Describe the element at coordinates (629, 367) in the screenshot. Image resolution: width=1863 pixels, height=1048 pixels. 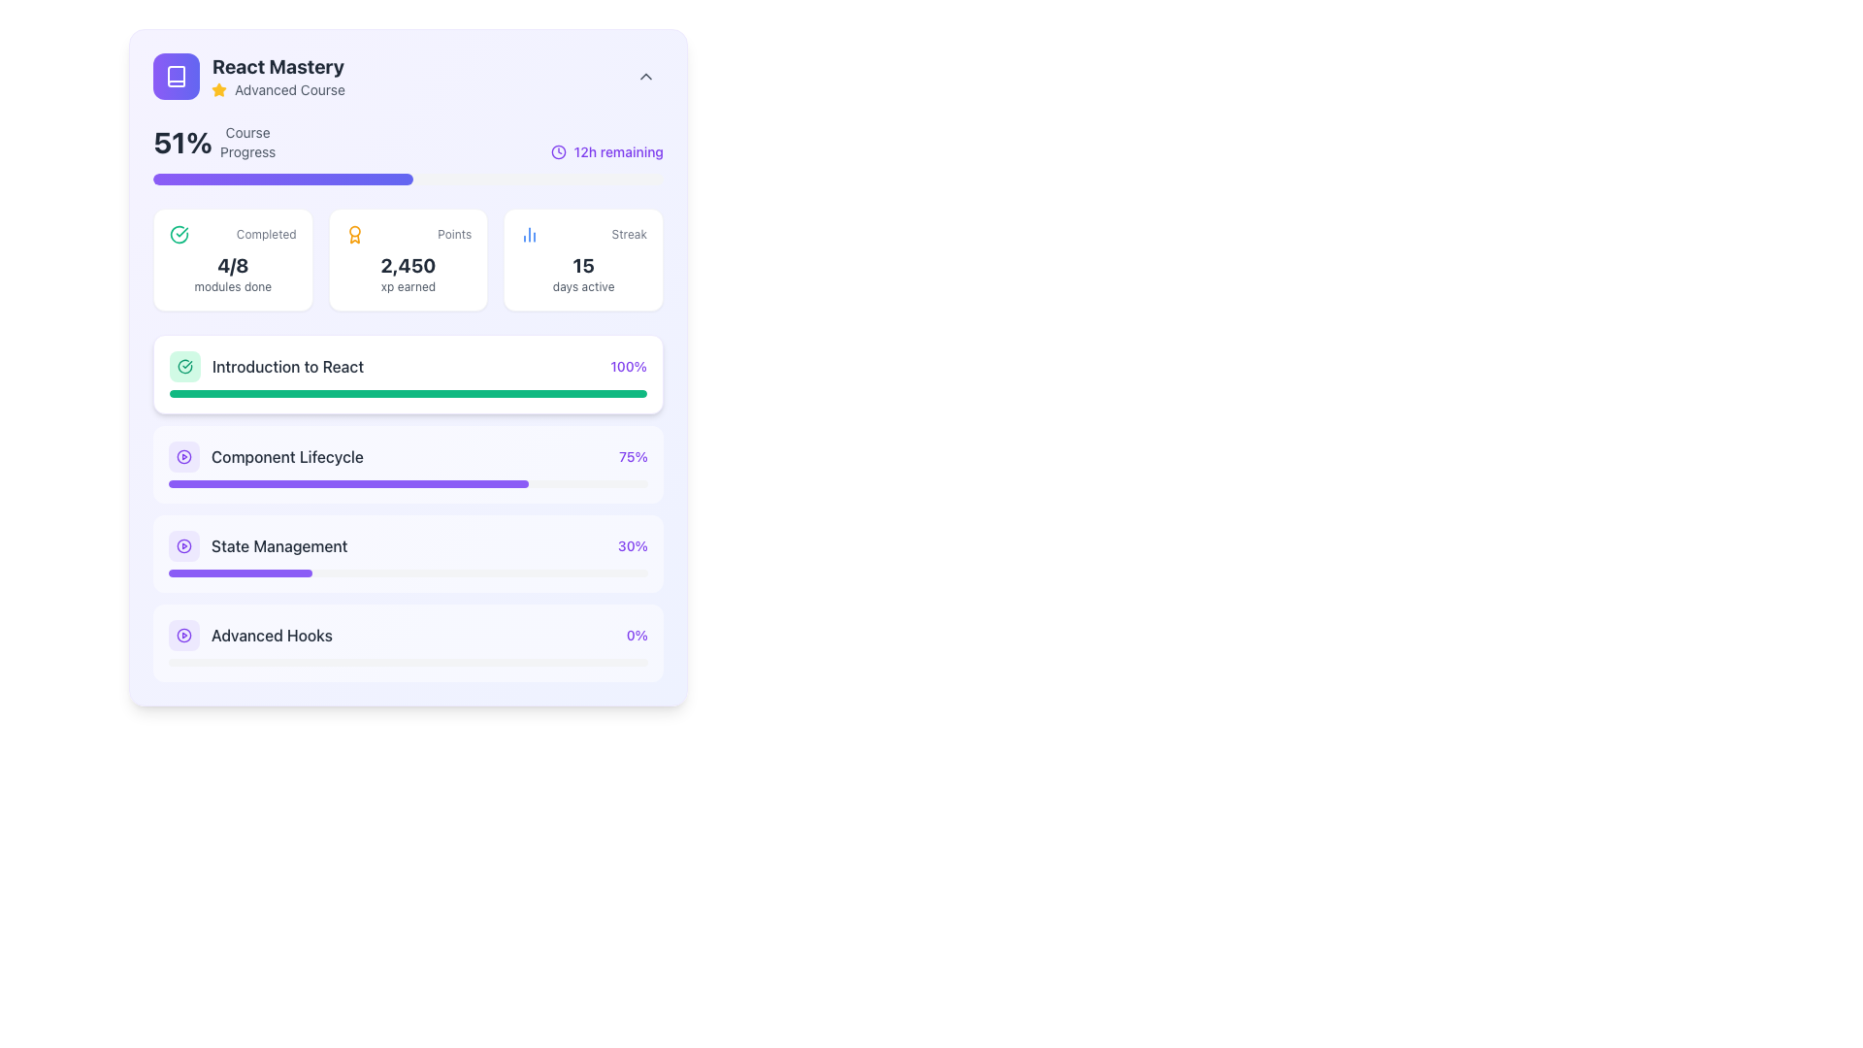
I see `the text label displaying '100%' in violet color, located at the top-right corner of the 'Introduction to React' section` at that location.